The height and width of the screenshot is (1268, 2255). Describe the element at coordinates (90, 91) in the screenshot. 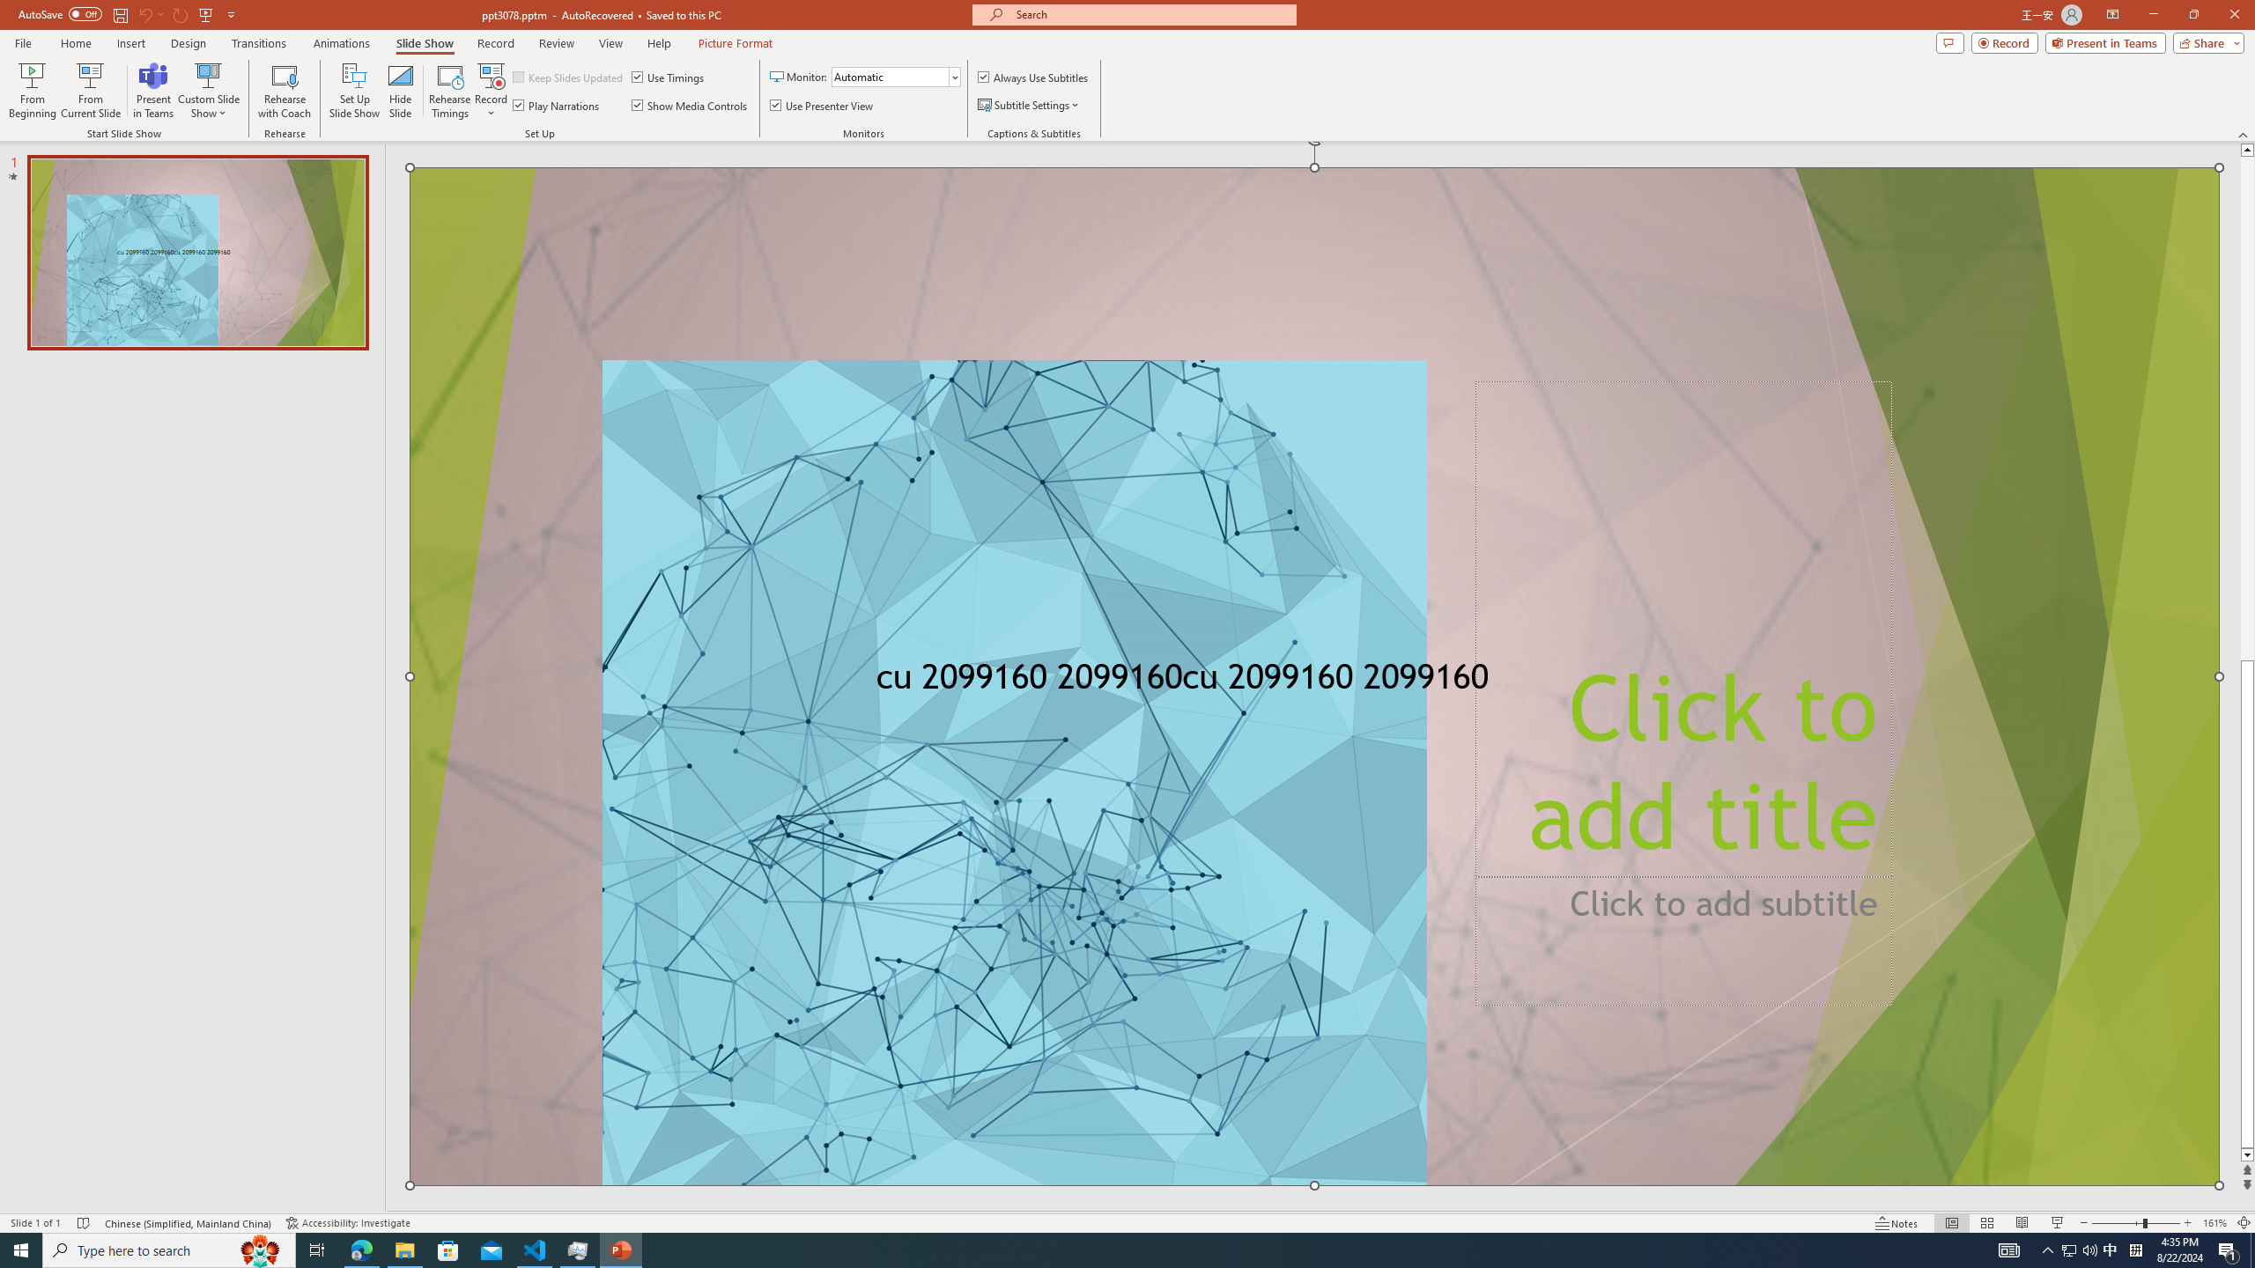

I see `'From Current Slide'` at that location.